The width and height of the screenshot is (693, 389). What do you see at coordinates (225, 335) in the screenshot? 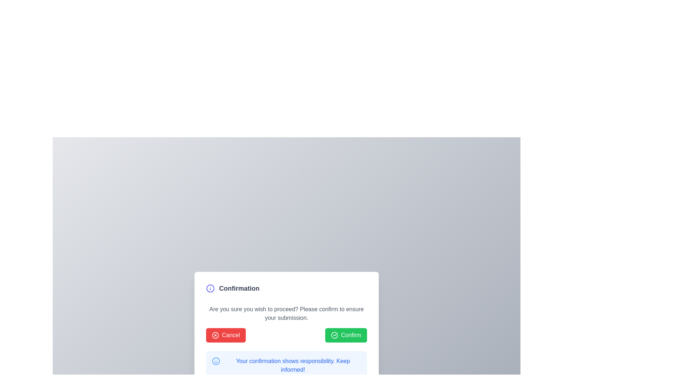
I see `the cancel button located at the bottom right corner of the modal dialog box` at bounding box center [225, 335].